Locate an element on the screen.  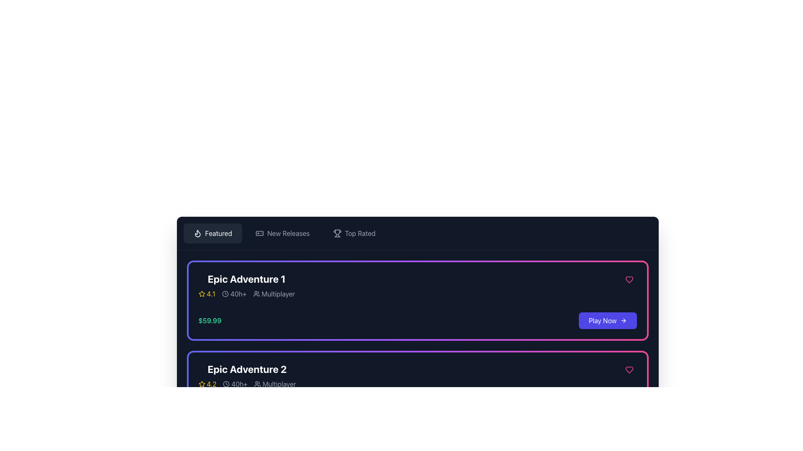
the circular graphic representing the clock icon for 'Epic Adventure 2', which is part of the game listing's metadata elements is located at coordinates (226, 384).